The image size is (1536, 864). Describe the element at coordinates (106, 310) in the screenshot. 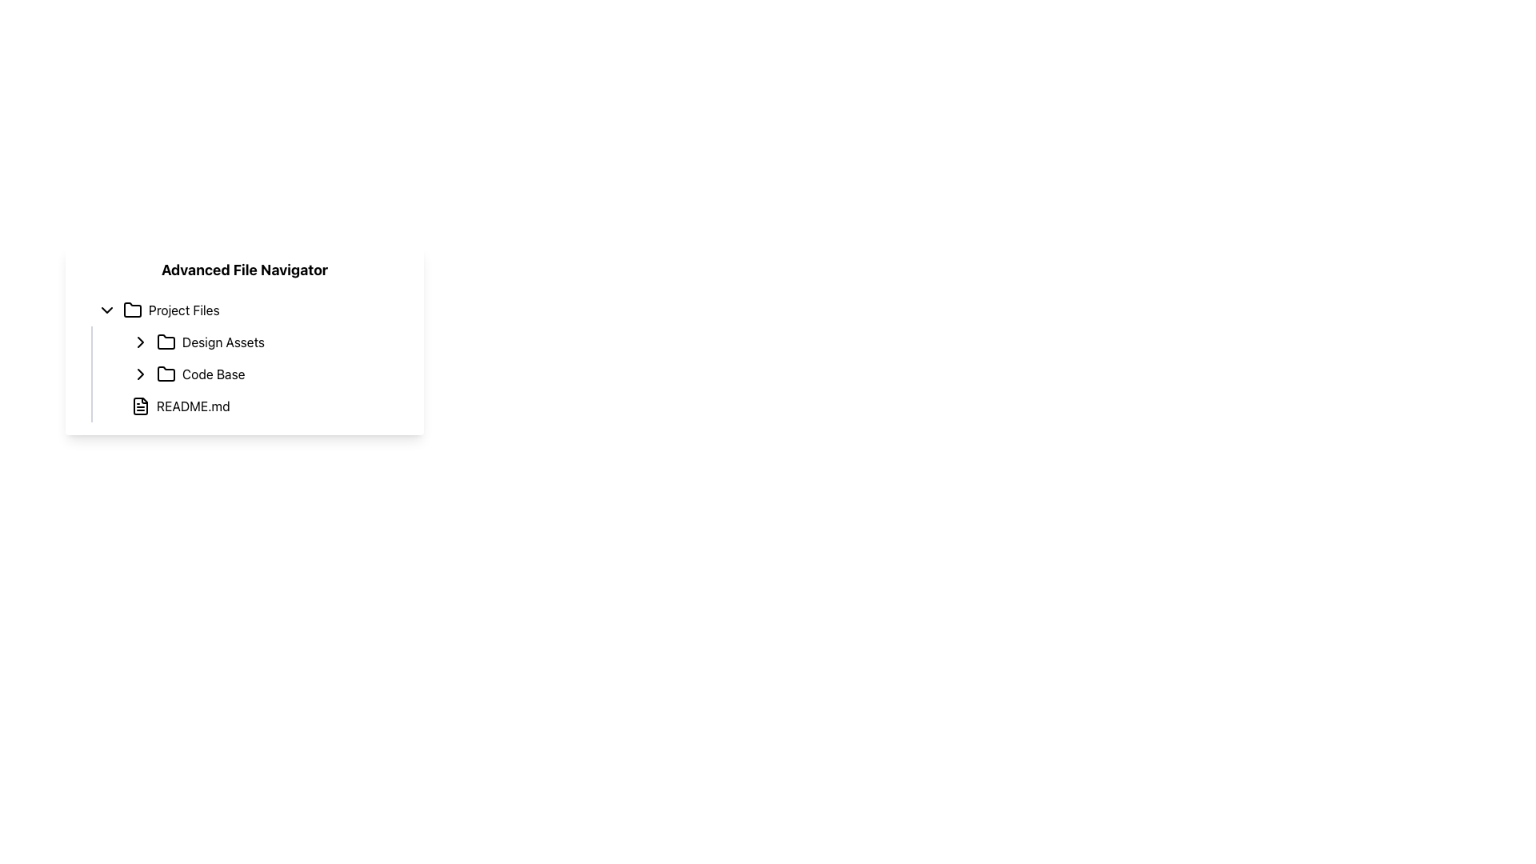

I see `the downward-facing chevron toggle icon located next` at that location.